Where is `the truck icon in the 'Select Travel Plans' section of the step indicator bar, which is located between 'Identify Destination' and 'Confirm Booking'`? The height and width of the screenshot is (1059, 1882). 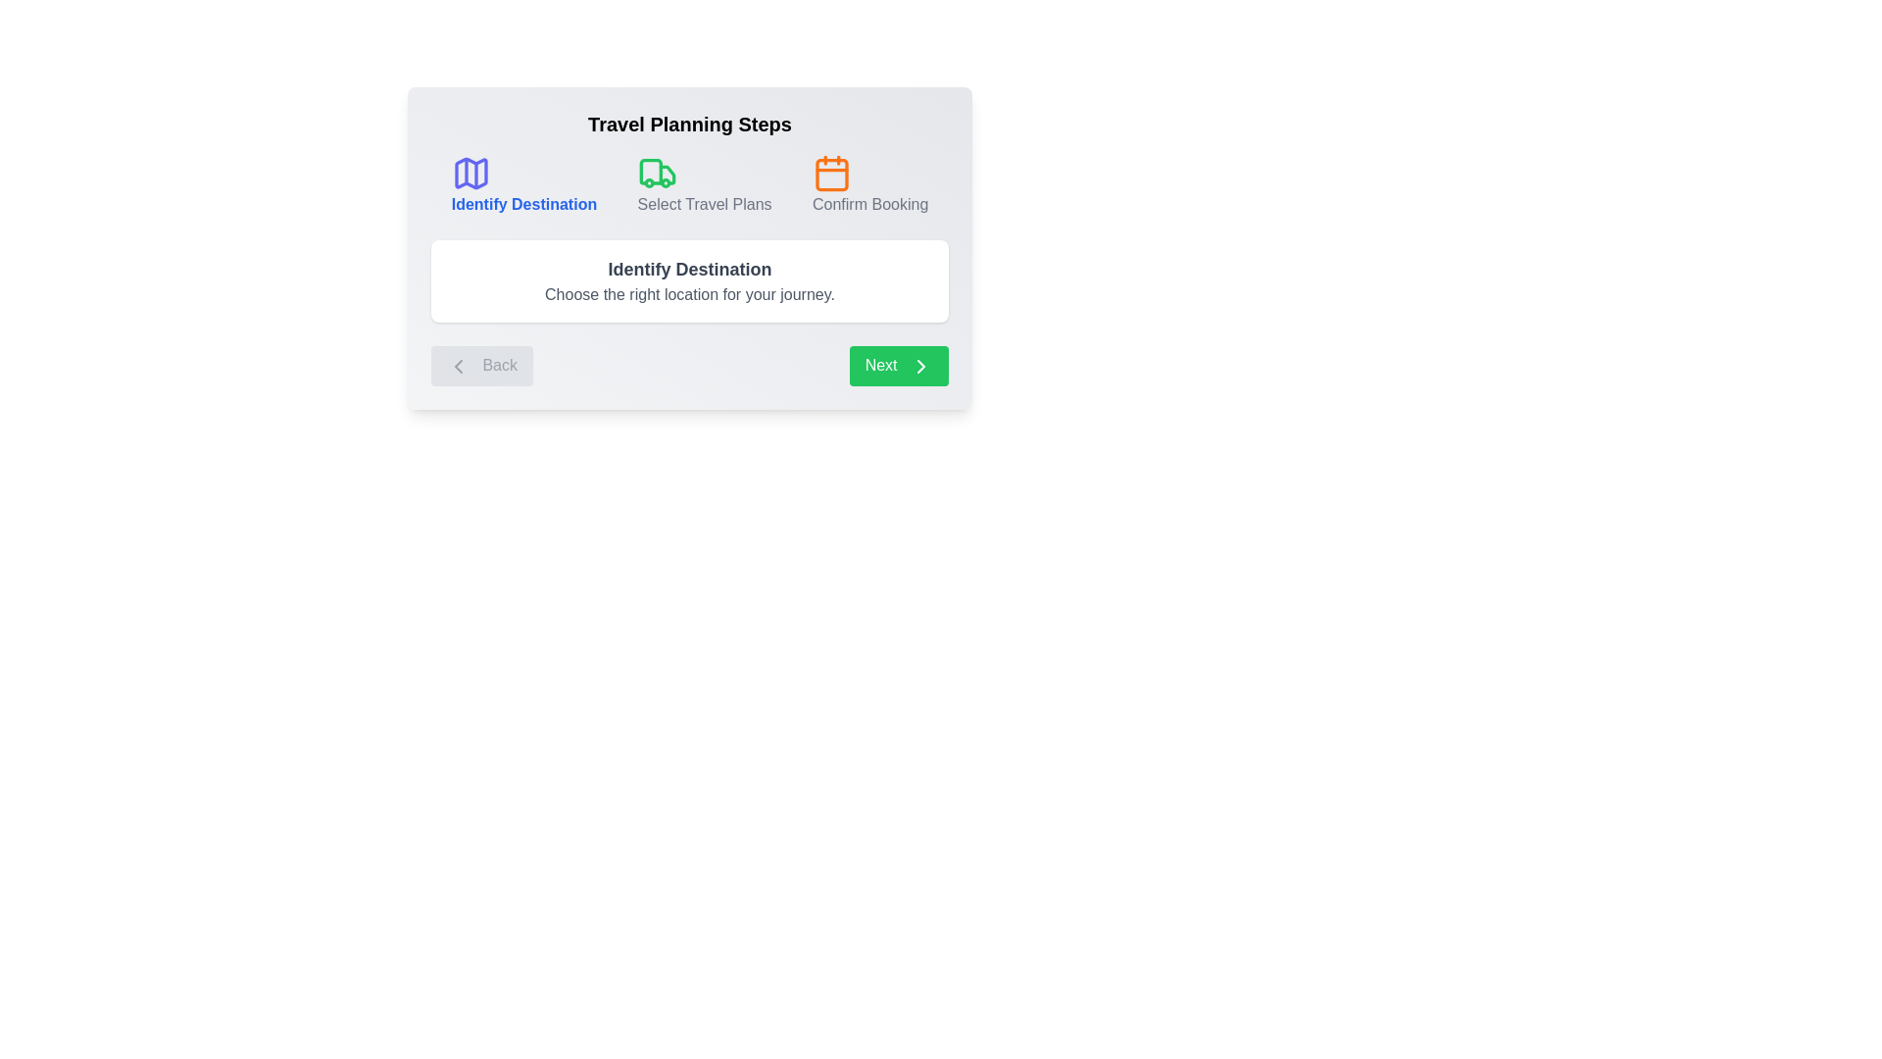 the truck icon in the 'Select Travel Plans' section of the step indicator bar, which is located between 'Identify Destination' and 'Confirm Booking' is located at coordinates (667, 174).